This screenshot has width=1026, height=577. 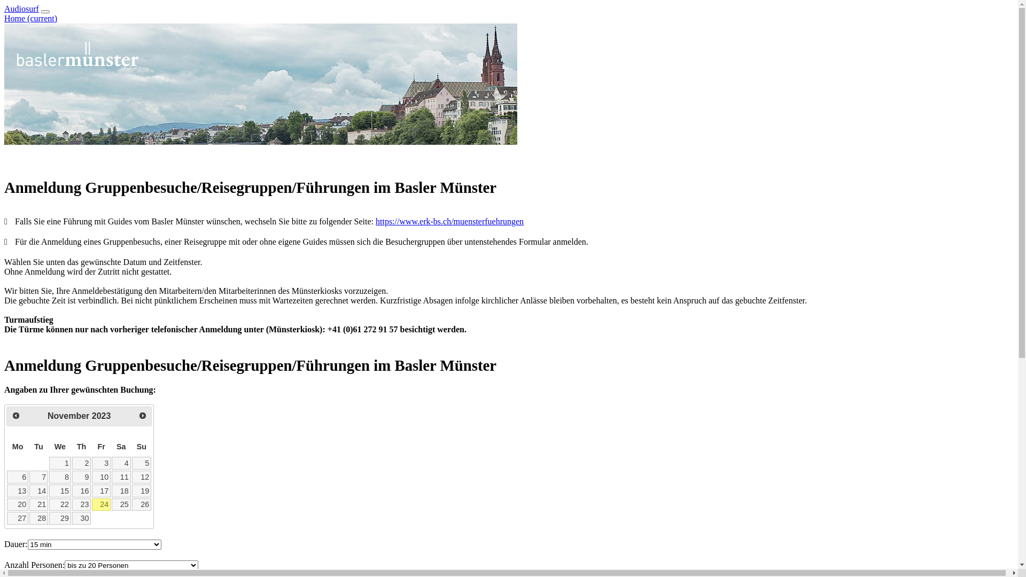 I want to click on '20', so click(x=18, y=505).